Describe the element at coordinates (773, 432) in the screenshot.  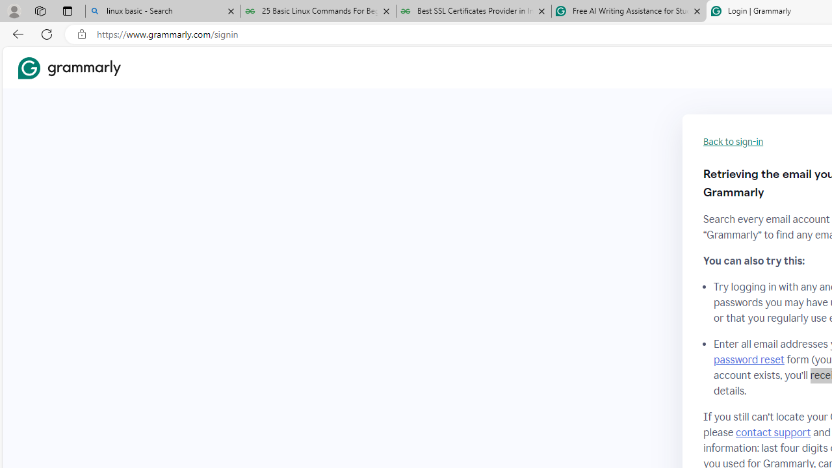
I see `'contact support'` at that location.